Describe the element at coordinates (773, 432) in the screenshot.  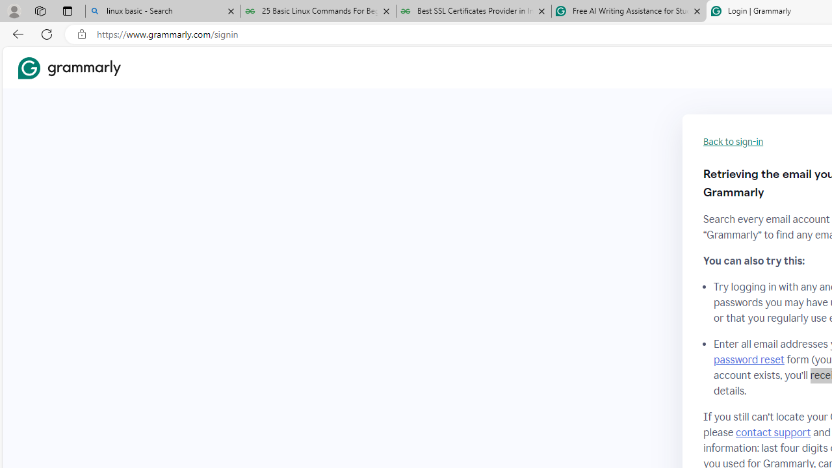
I see `'contact support'` at that location.